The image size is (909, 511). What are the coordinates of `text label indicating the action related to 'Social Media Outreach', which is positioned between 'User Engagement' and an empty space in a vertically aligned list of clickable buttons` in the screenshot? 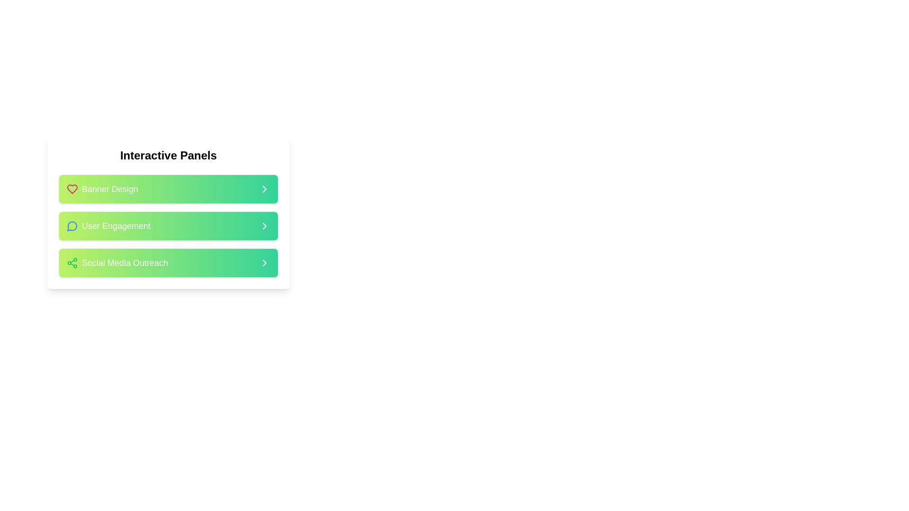 It's located at (125, 263).